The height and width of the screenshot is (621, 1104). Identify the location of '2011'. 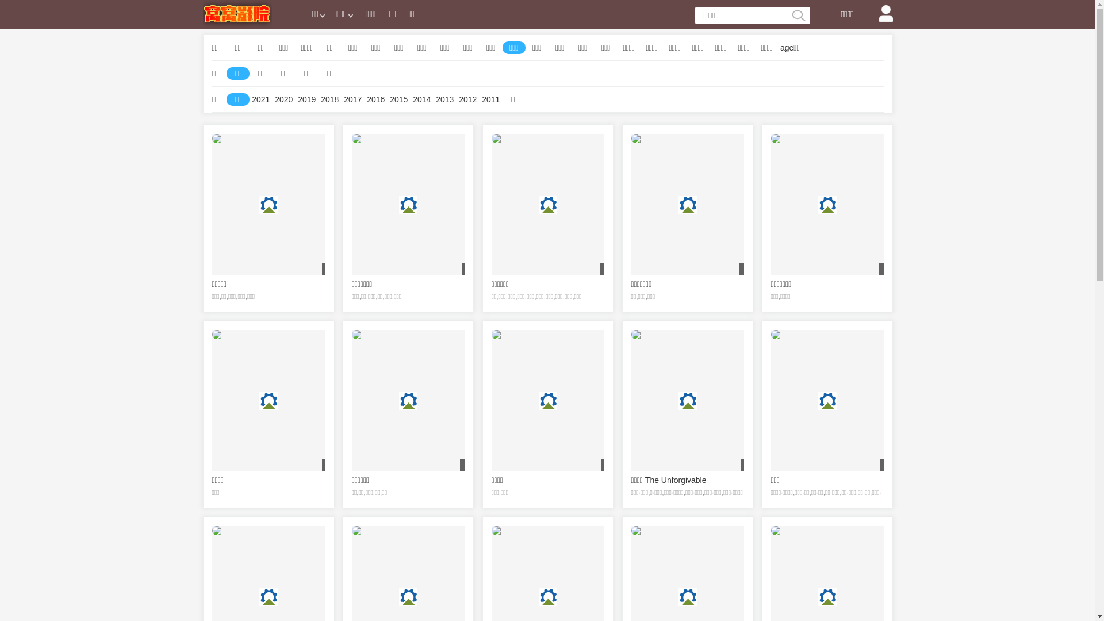
(490, 99).